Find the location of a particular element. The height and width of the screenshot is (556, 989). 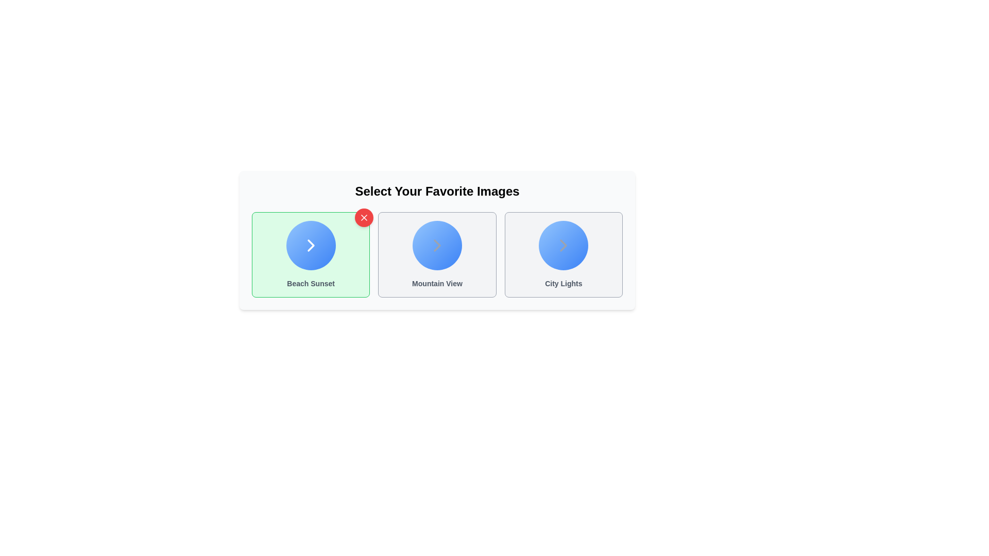

the image labeled Beach Sunset to toggle its selection is located at coordinates (310, 254).